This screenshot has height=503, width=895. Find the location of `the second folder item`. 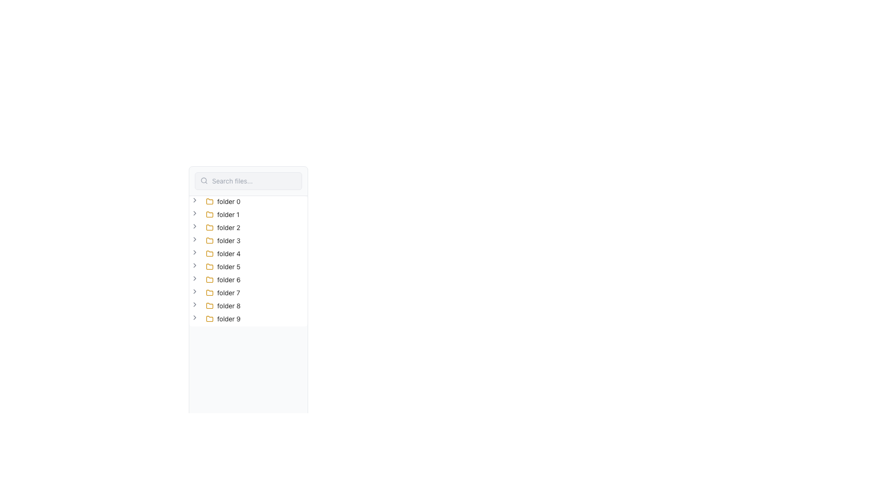

the second folder item is located at coordinates (222, 215).